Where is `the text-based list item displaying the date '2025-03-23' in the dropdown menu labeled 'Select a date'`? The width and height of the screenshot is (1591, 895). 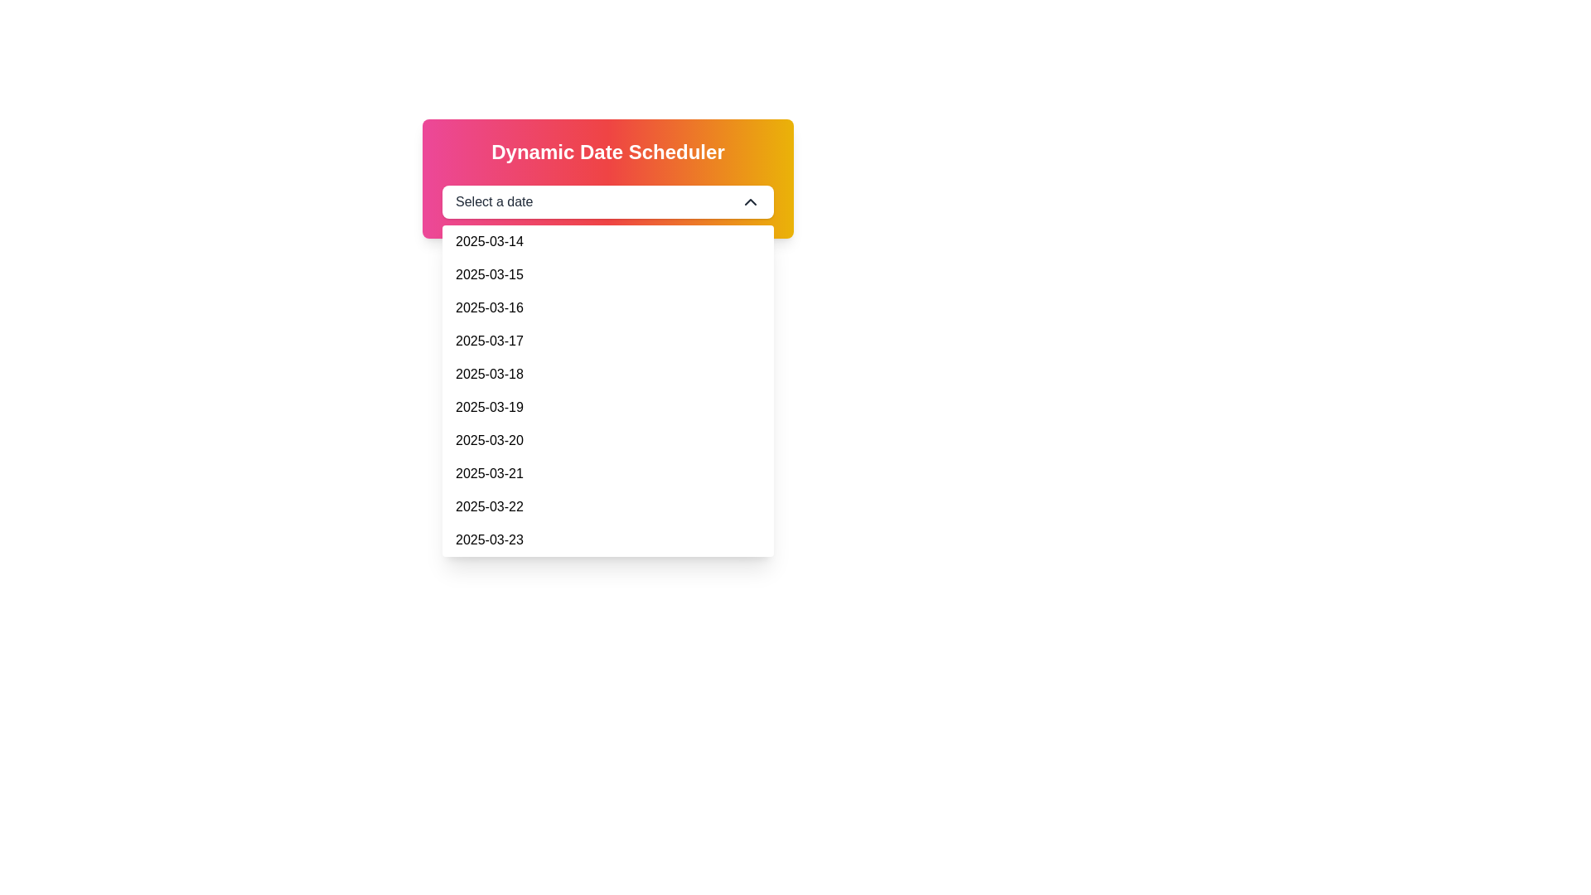
the text-based list item displaying the date '2025-03-23' in the dropdown menu labeled 'Select a date' is located at coordinates (488, 539).